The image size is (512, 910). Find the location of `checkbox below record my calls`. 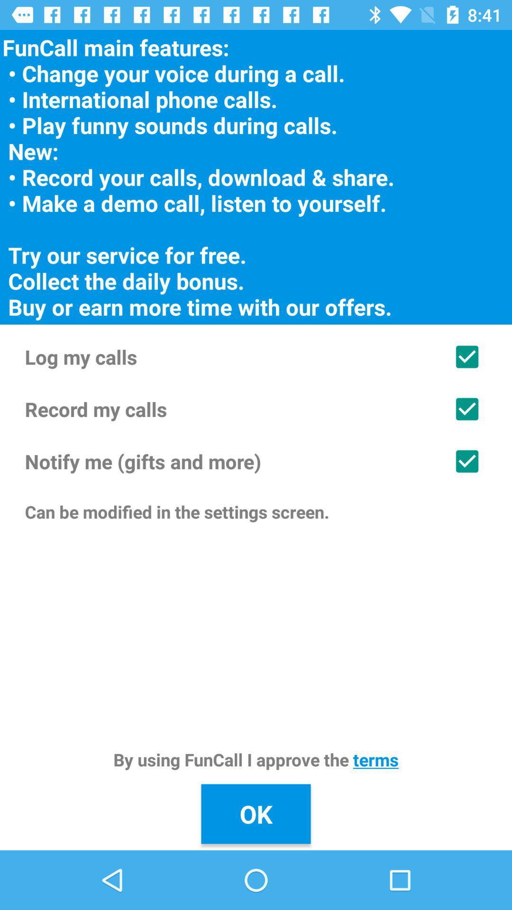

checkbox below record my calls is located at coordinates (256, 461).